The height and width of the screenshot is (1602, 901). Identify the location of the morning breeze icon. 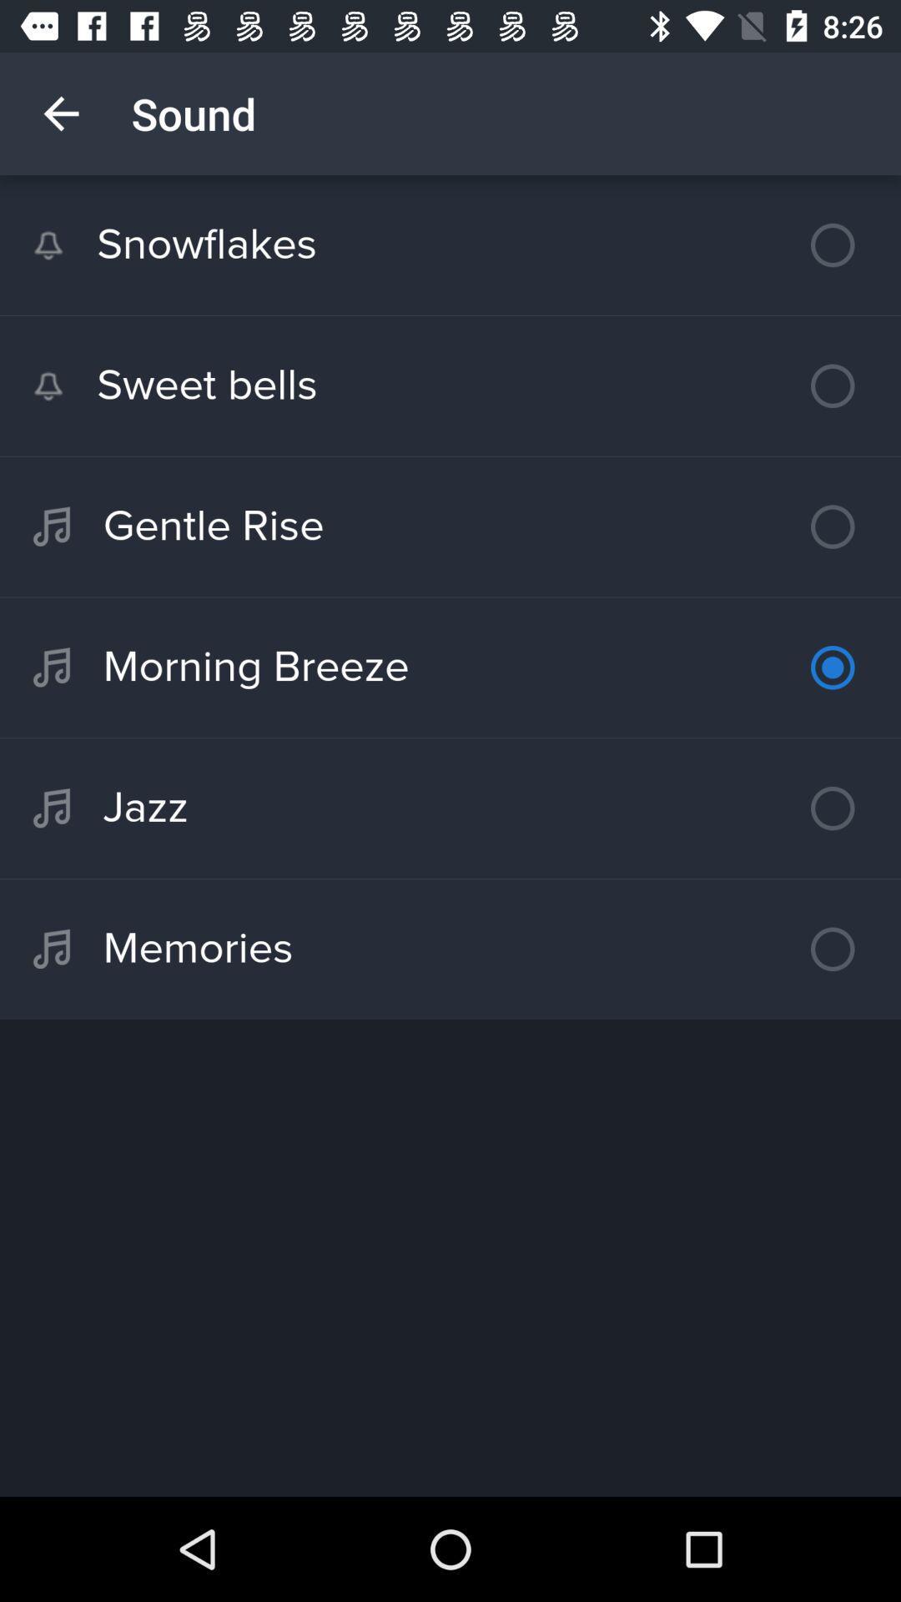
(450, 667).